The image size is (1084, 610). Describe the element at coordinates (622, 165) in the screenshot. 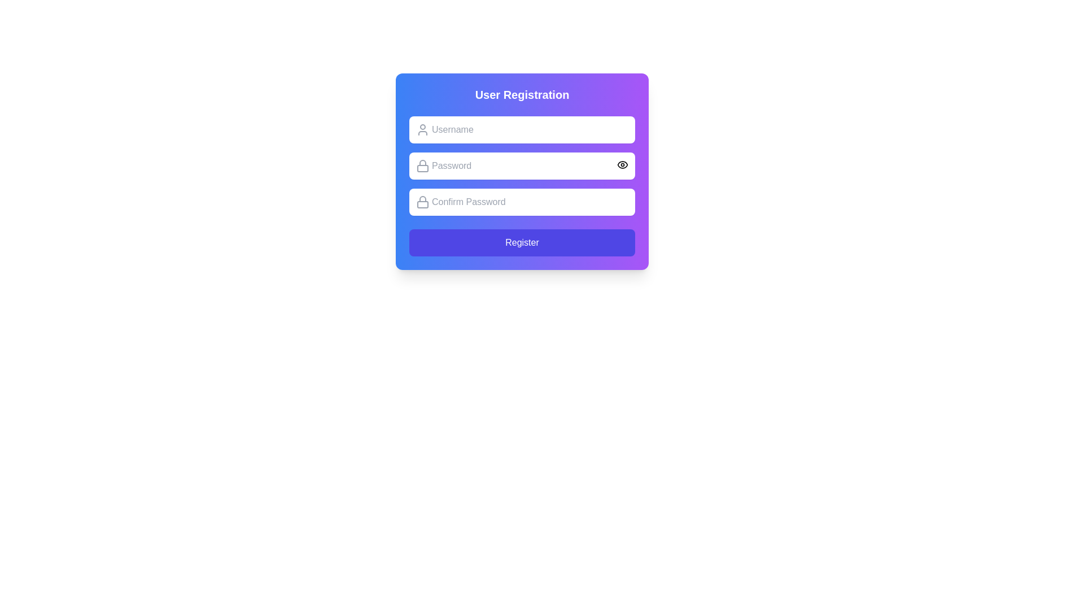

I see `the visibility toggle button located in the top right corner of the password input field` at that location.